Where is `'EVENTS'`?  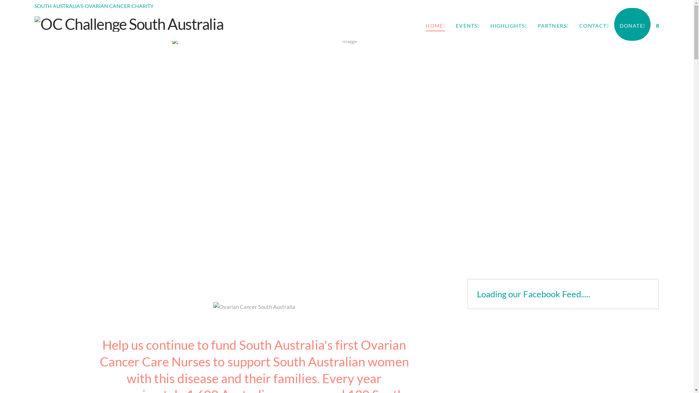
'EVENTS' is located at coordinates (467, 24).